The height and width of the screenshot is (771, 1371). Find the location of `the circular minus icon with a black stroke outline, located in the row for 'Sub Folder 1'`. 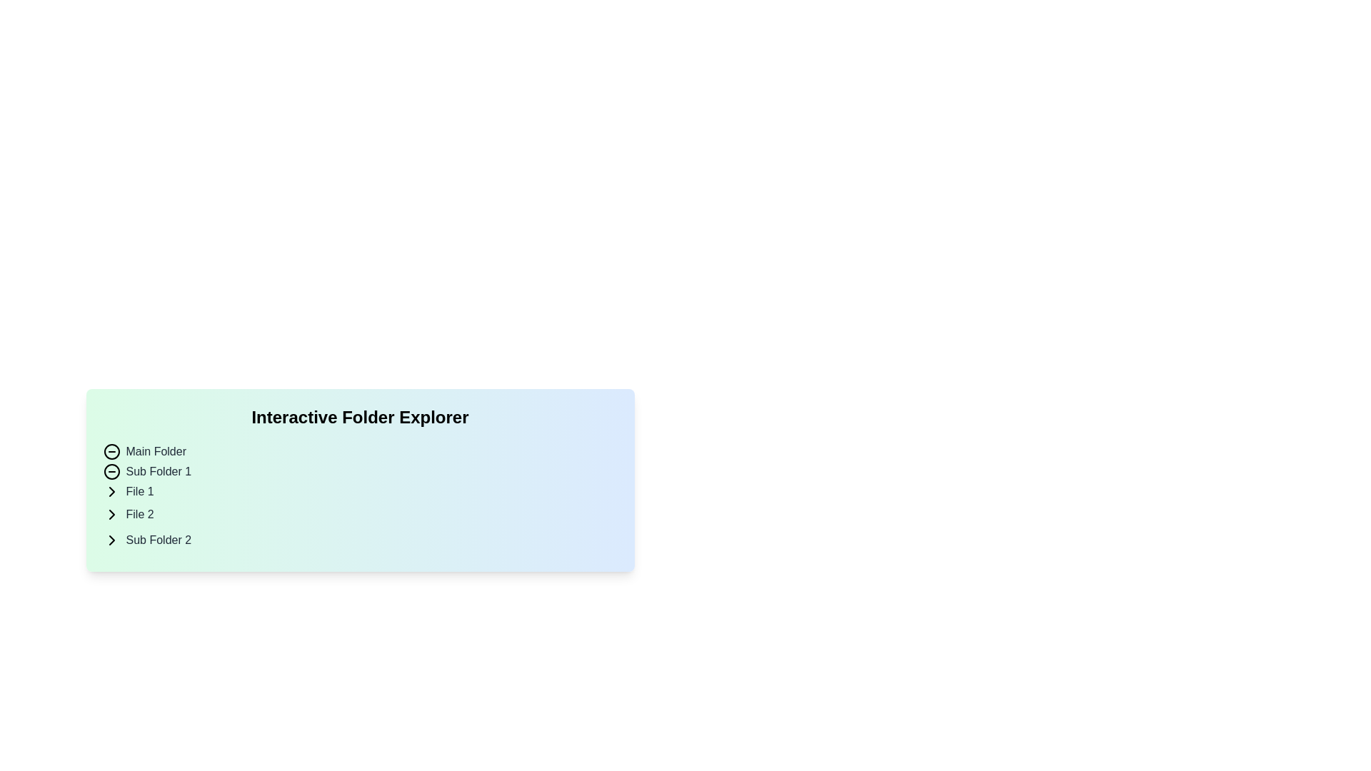

the circular minus icon with a black stroke outline, located in the row for 'Sub Folder 1' is located at coordinates (111, 471).